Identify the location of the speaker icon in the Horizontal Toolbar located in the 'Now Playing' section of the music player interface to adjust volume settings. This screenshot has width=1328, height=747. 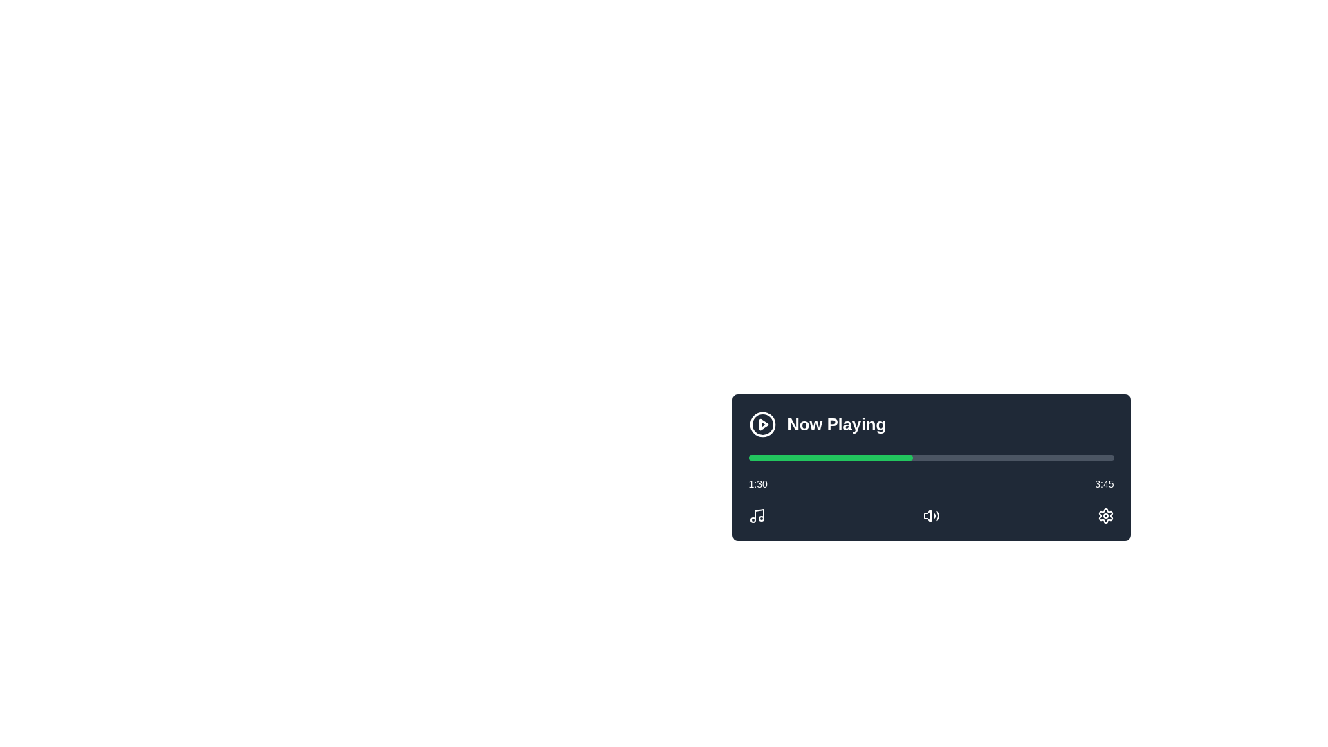
(931, 515).